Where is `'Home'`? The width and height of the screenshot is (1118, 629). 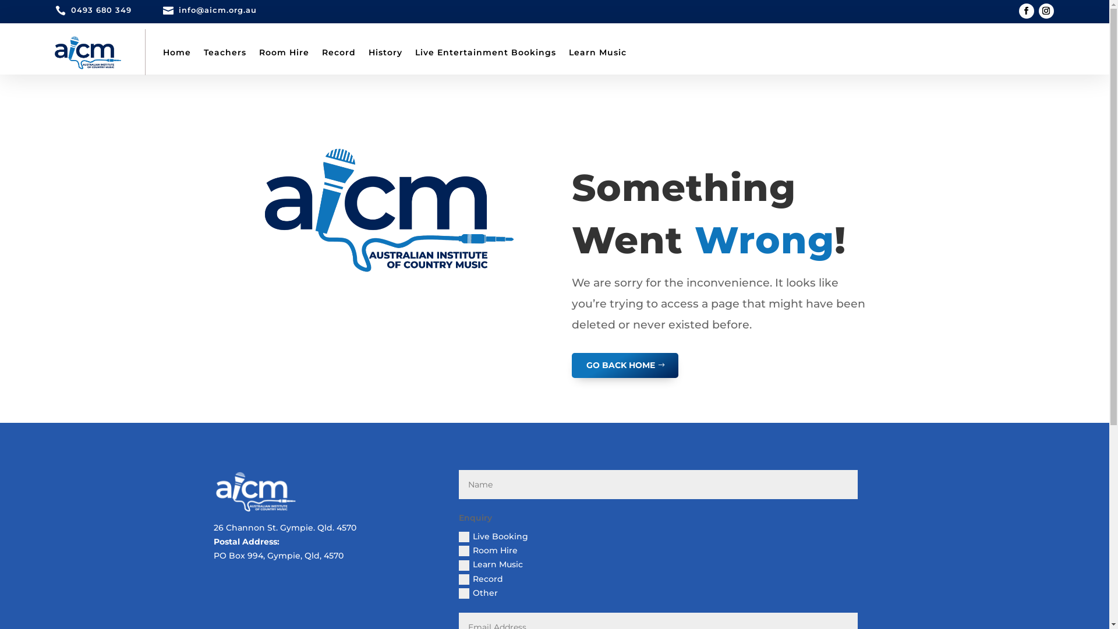
'Home' is located at coordinates (176, 51).